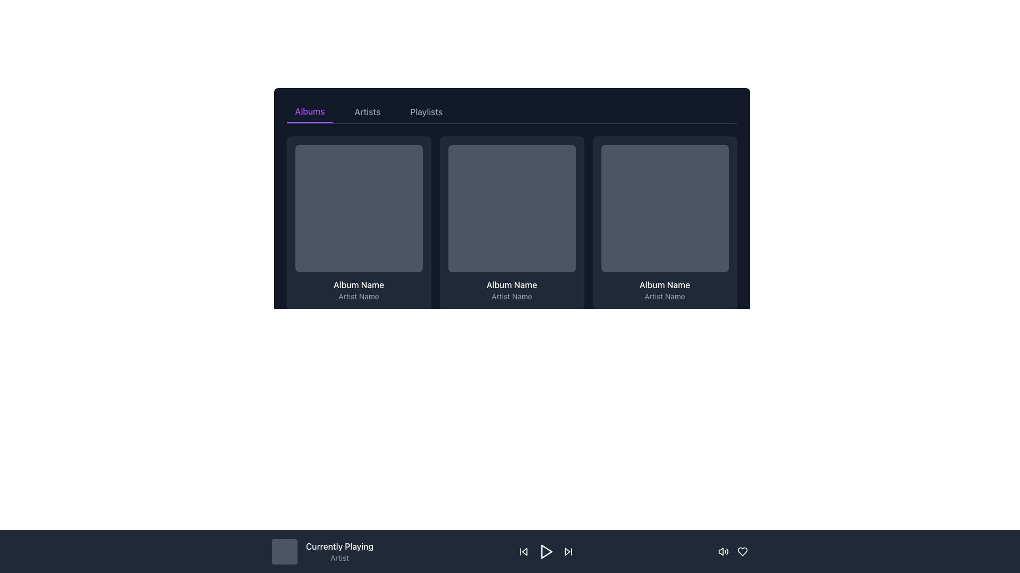 The image size is (1020, 573). I want to click on the 'Albums' navigation tab located at the top-left of the navigation menu, so click(309, 112).